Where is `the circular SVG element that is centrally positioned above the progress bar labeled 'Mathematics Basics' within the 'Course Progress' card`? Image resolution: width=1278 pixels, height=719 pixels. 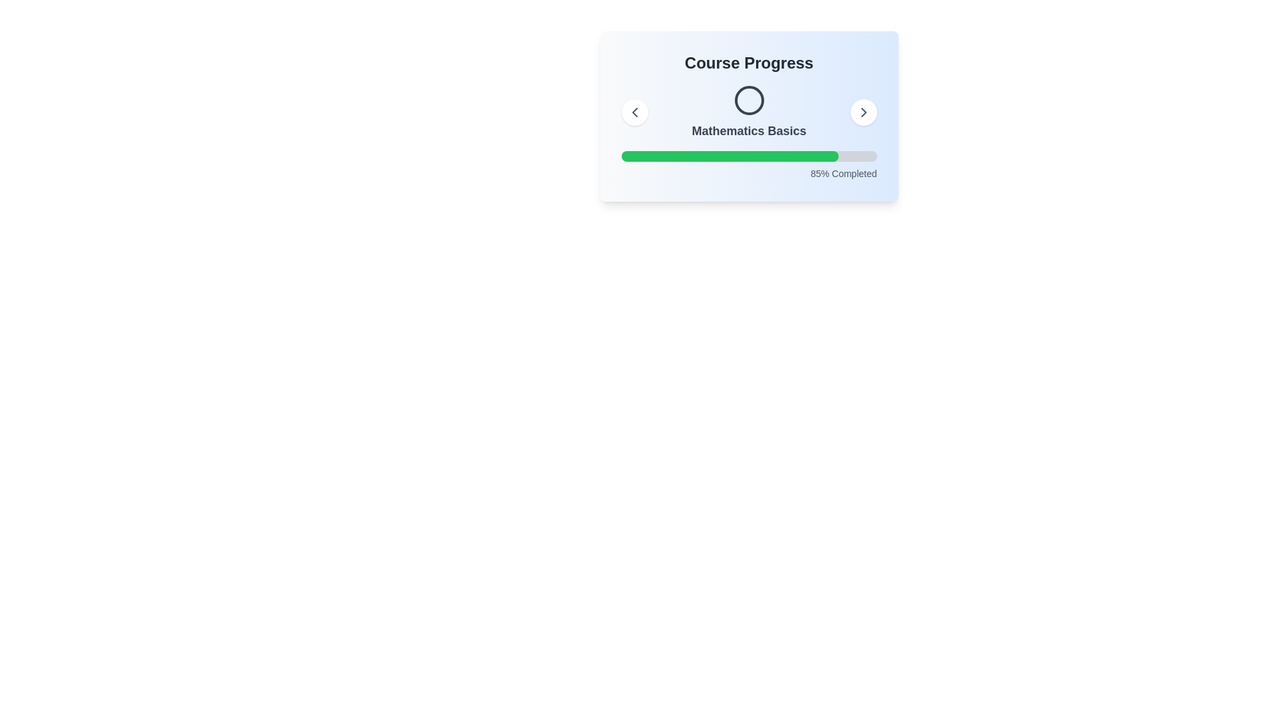 the circular SVG element that is centrally positioned above the progress bar labeled 'Mathematics Basics' within the 'Course Progress' card is located at coordinates (749, 99).